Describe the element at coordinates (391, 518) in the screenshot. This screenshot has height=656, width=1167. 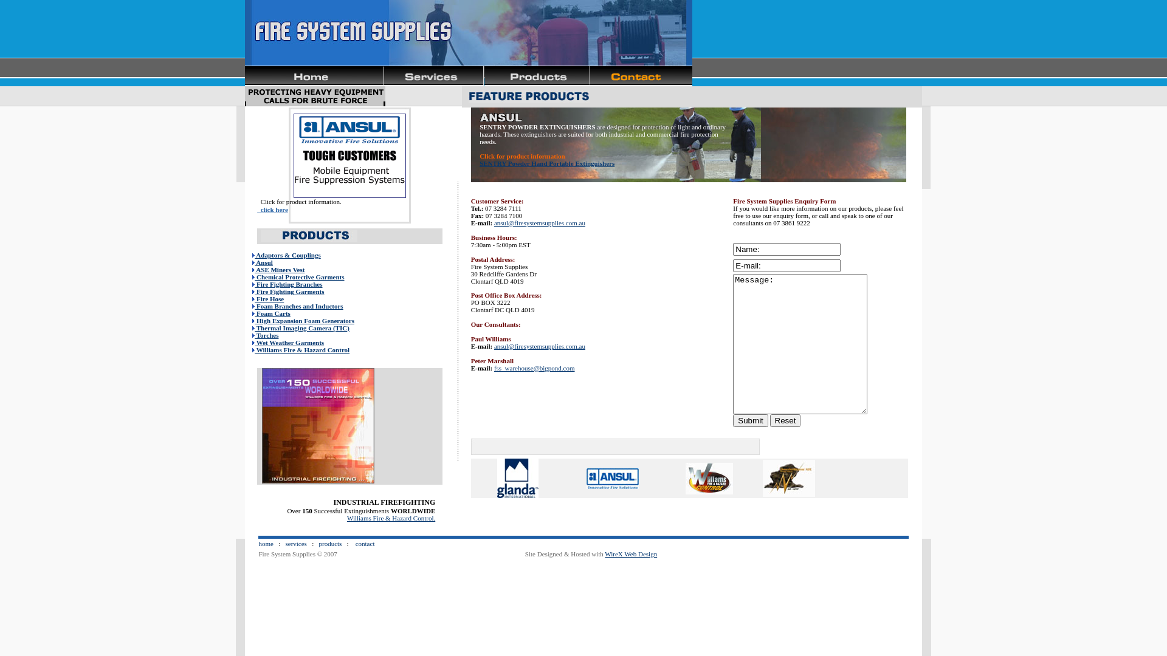
I see `'Williams Fire & Hazard Control.'` at that location.